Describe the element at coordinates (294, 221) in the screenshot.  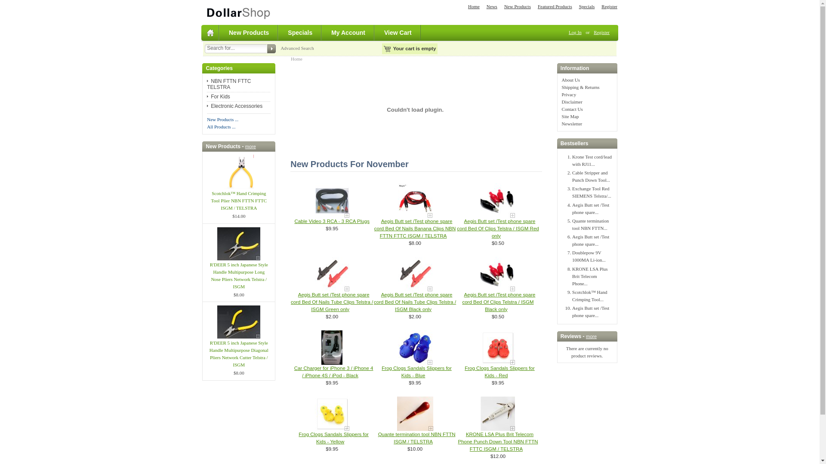
I see `'Cable Video 3 RCA - 3 RCA Plugs'` at that location.